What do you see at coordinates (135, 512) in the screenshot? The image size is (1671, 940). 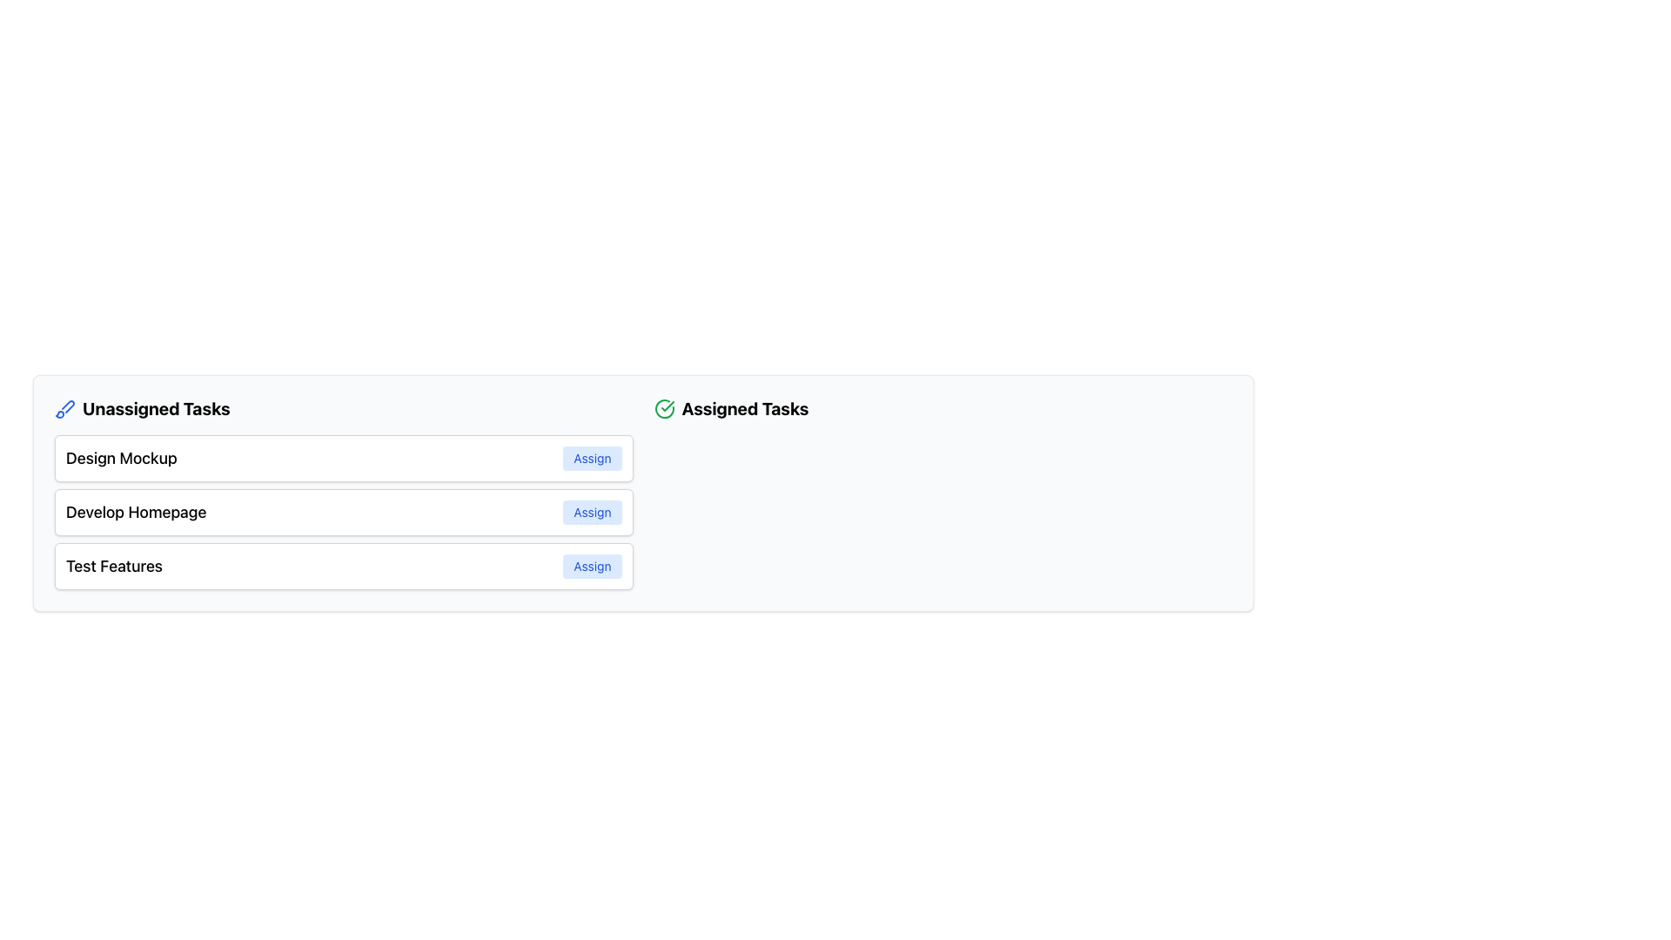 I see `the text label reading 'Develop Homepage' located in the second card under the 'Unassigned Tasks' section` at bounding box center [135, 512].